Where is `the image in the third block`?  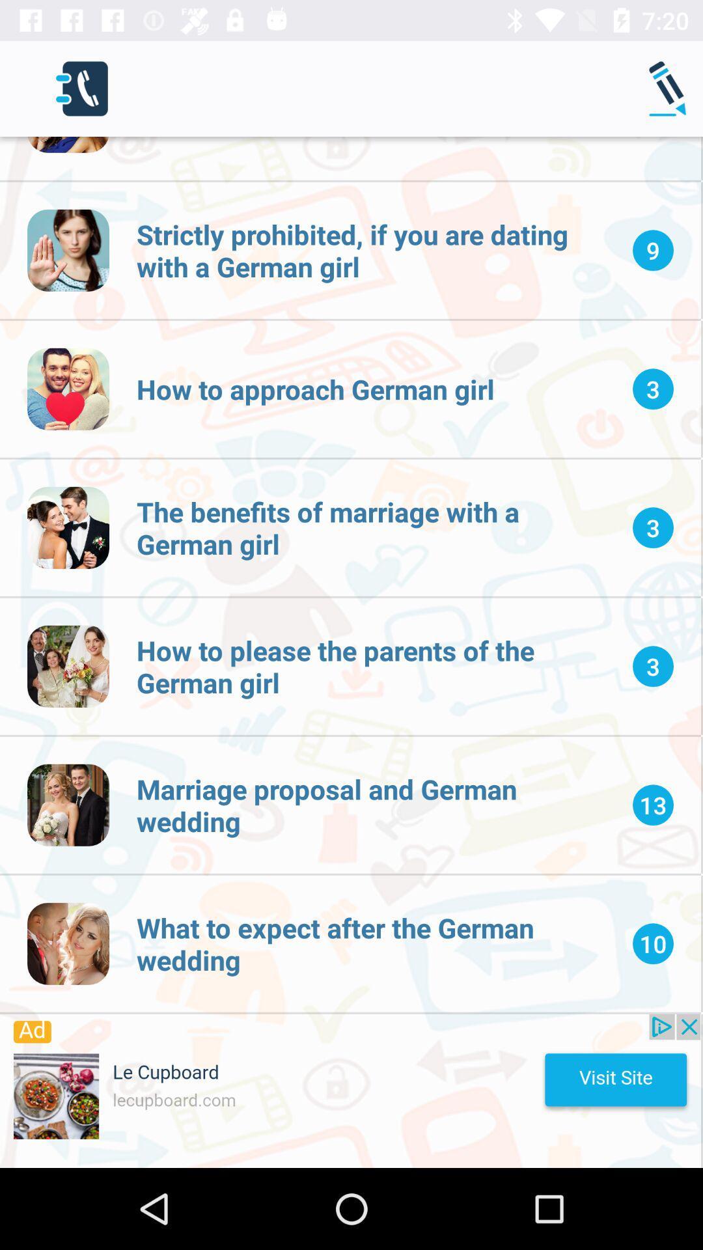 the image in the third block is located at coordinates (68, 528).